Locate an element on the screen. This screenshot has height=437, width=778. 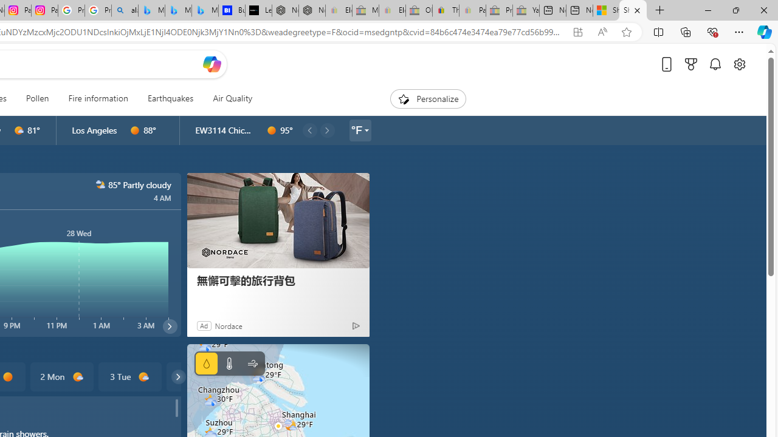
'Open settings' is located at coordinates (738, 64).